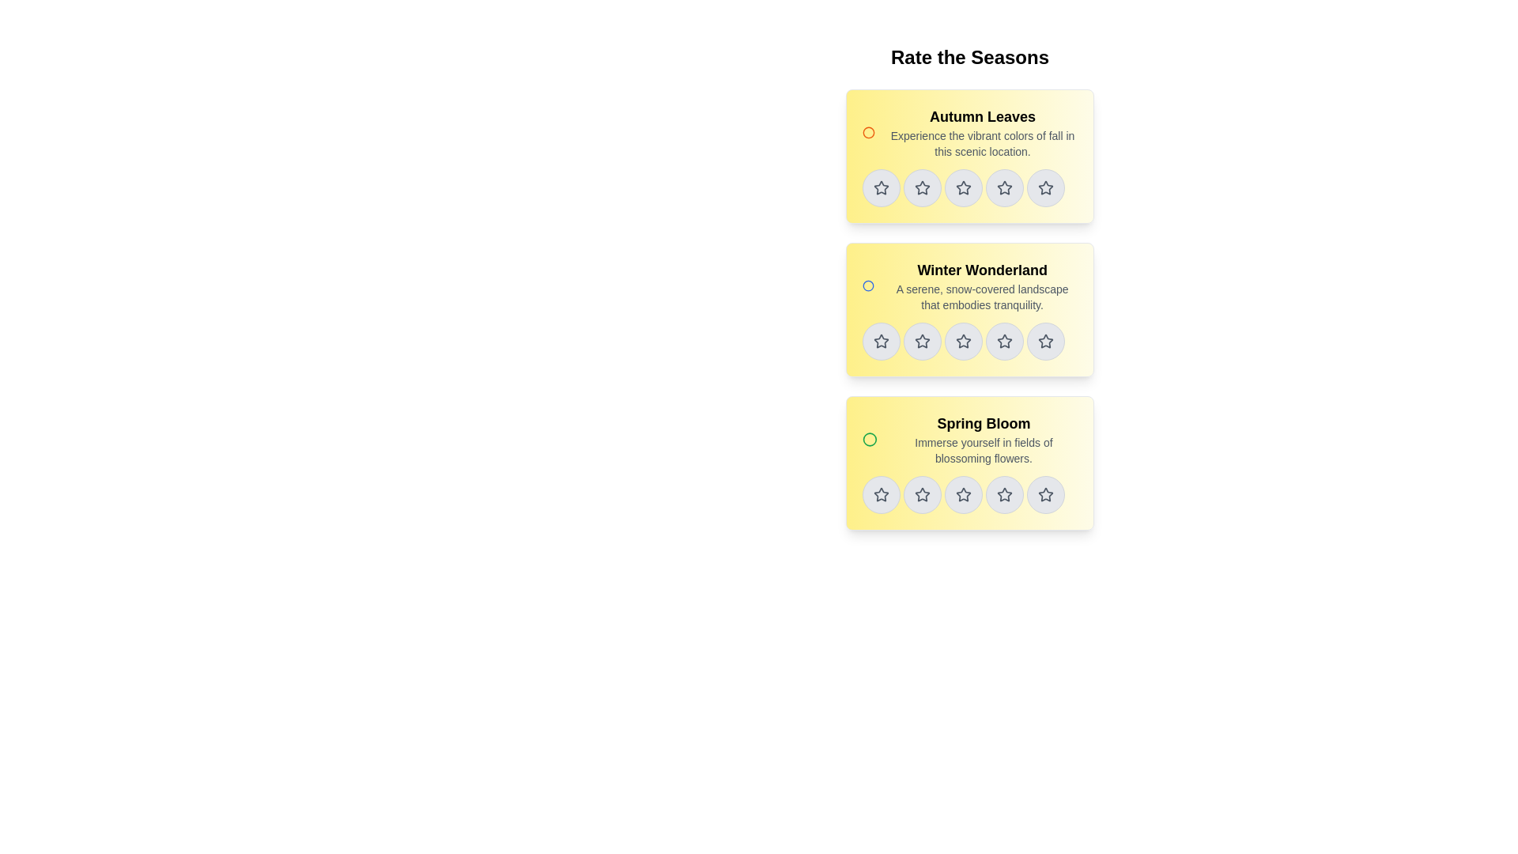 The height and width of the screenshot is (854, 1518). What do you see at coordinates (922, 187) in the screenshot?
I see `the second star icon in the rating feature located below the 'Autumn Leaves' header in the 'Rate the Seasons' list` at bounding box center [922, 187].